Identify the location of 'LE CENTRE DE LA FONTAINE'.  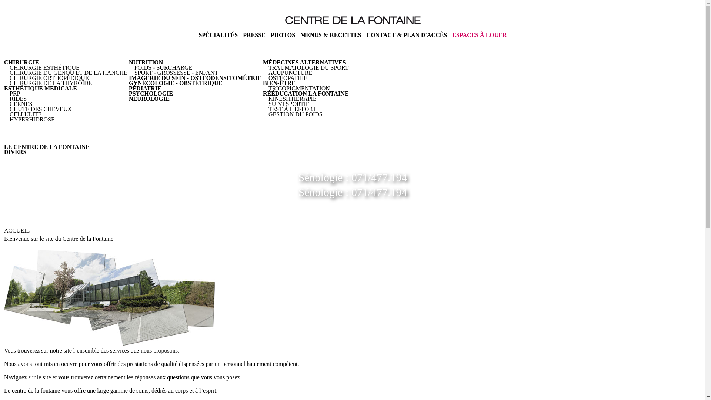
(46, 147).